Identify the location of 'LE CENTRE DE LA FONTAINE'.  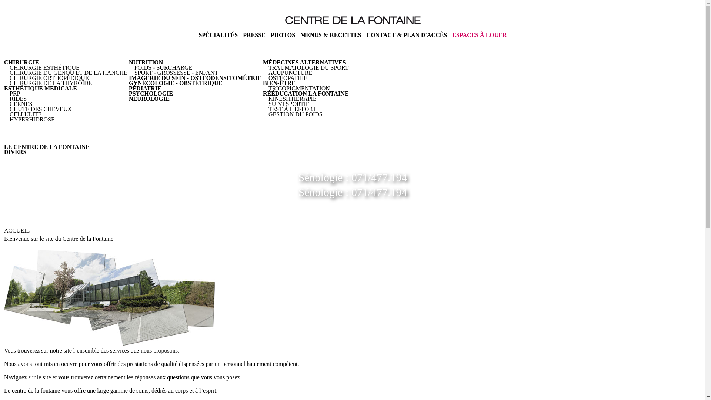
(46, 147).